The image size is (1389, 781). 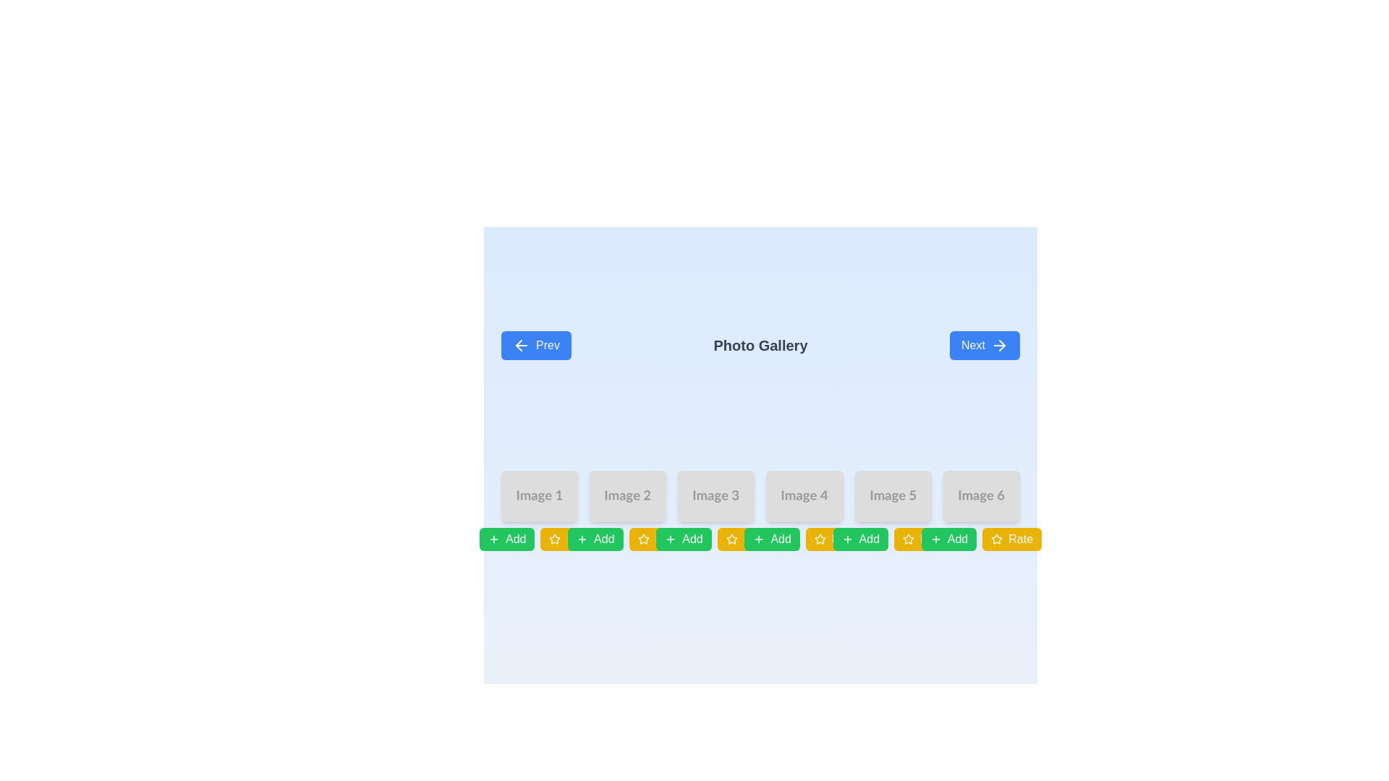 I want to click on the second image in the gallery, so click(x=628, y=495).